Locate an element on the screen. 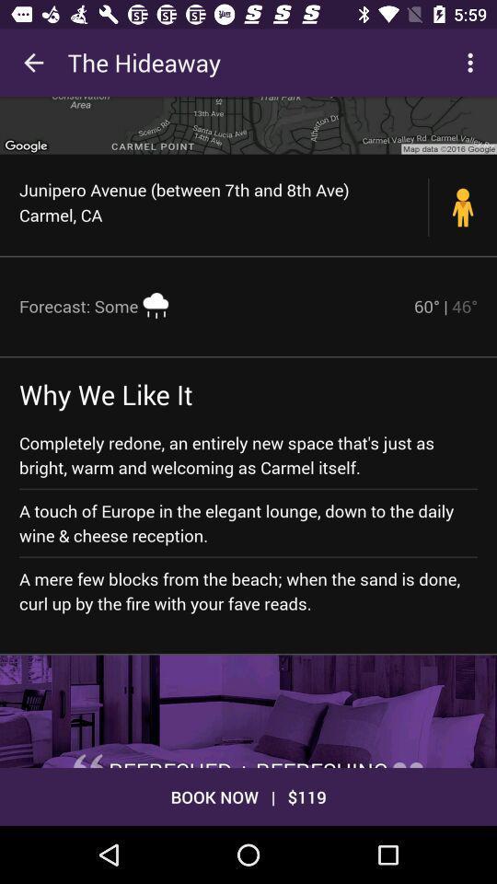 Image resolution: width=497 pixels, height=884 pixels. item above completely redone an icon is located at coordinates (445, 306).